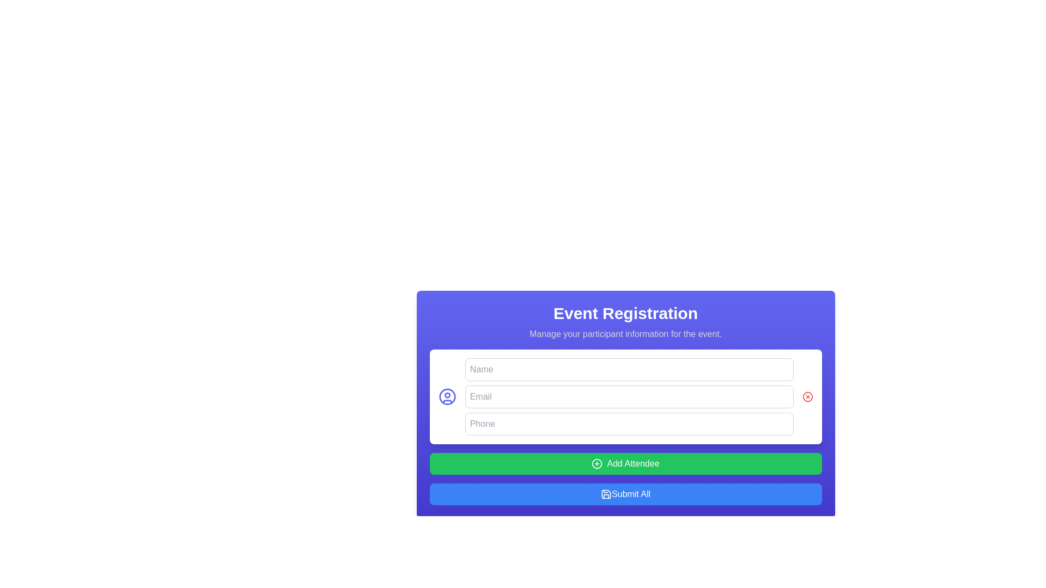  Describe the element at coordinates (625, 494) in the screenshot. I see `the rectangular 'Submit All' button with a blue background and white text` at that location.